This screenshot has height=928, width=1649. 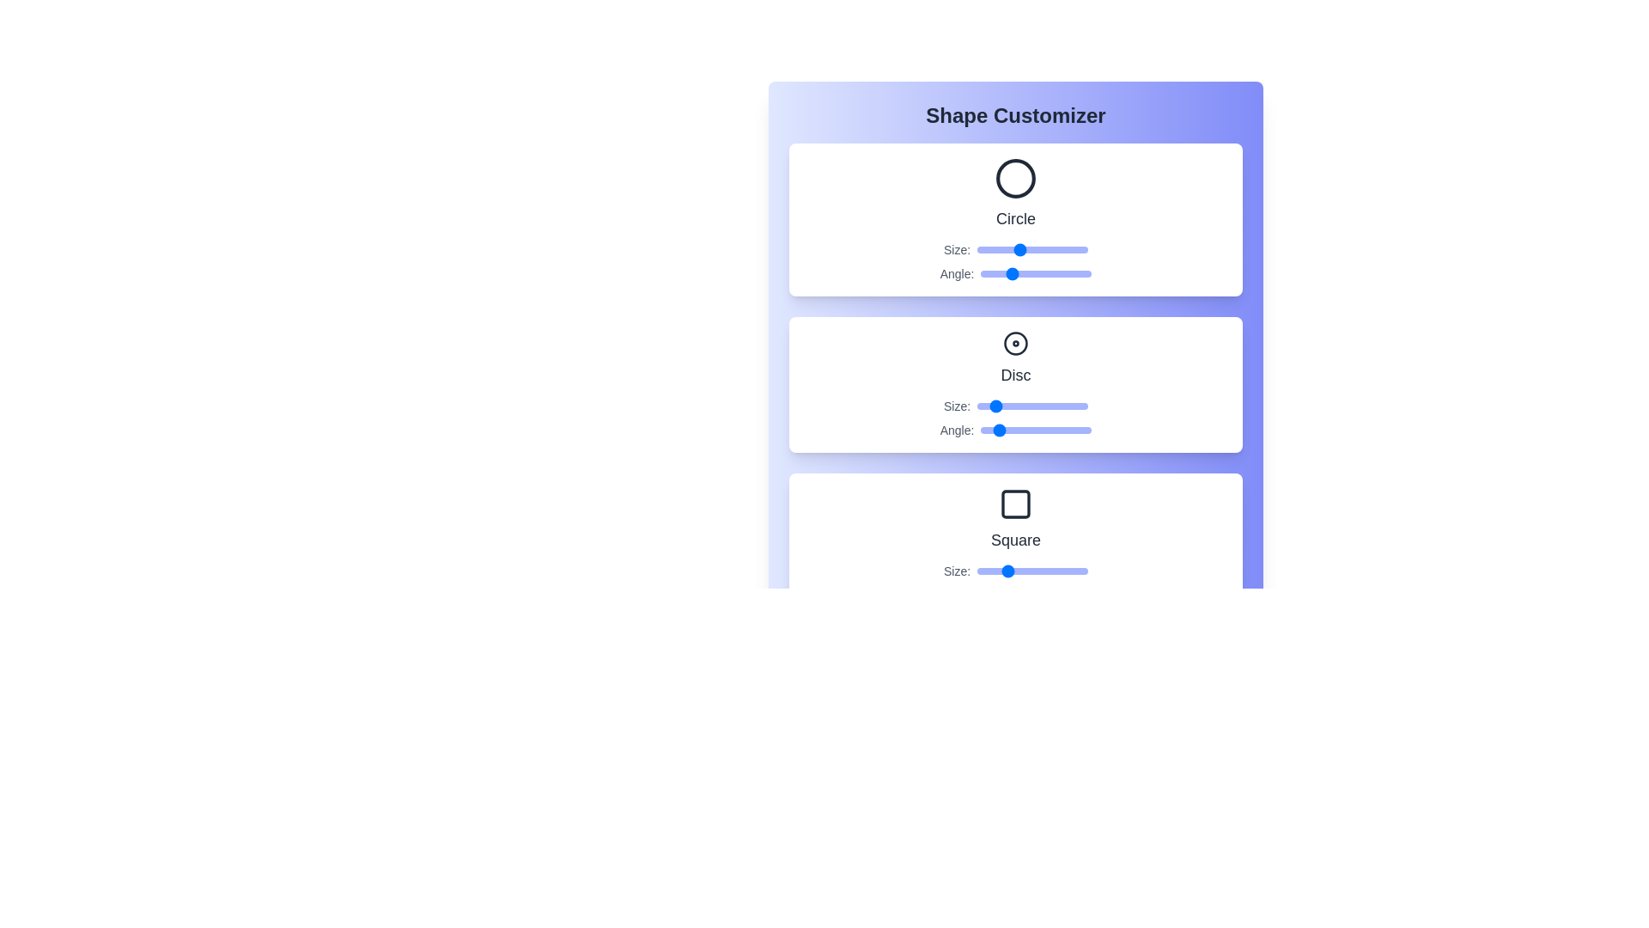 What do you see at coordinates (1074, 595) in the screenshot?
I see `the Square's angle slider to 307 degrees` at bounding box center [1074, 595].